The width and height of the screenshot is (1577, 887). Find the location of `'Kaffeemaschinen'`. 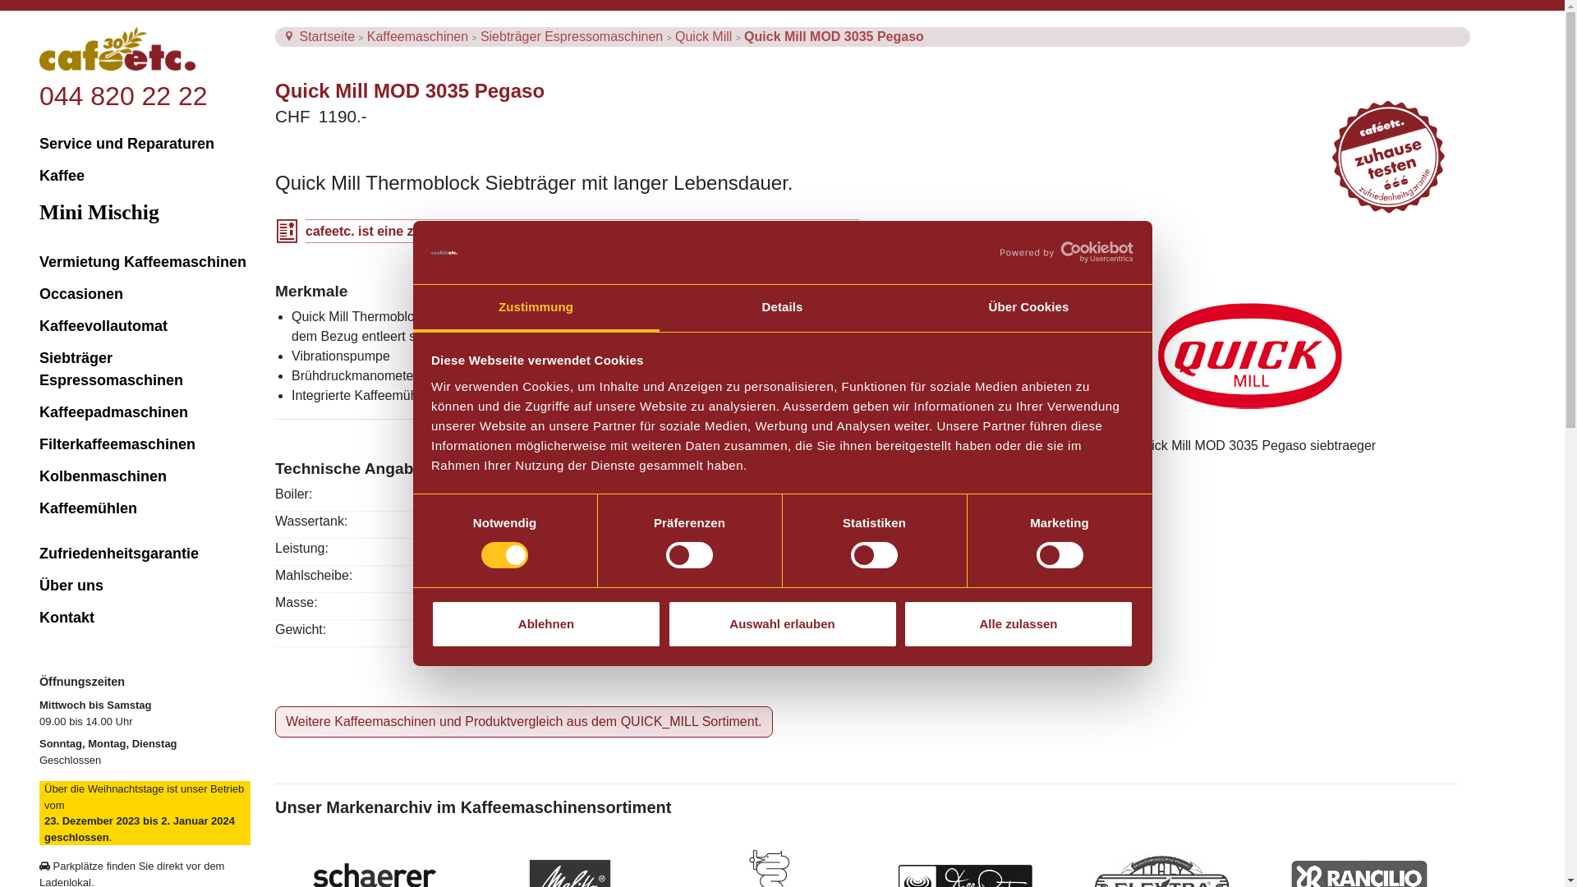

'Kaffeemaschinen' is located at coordinates (419, 36).